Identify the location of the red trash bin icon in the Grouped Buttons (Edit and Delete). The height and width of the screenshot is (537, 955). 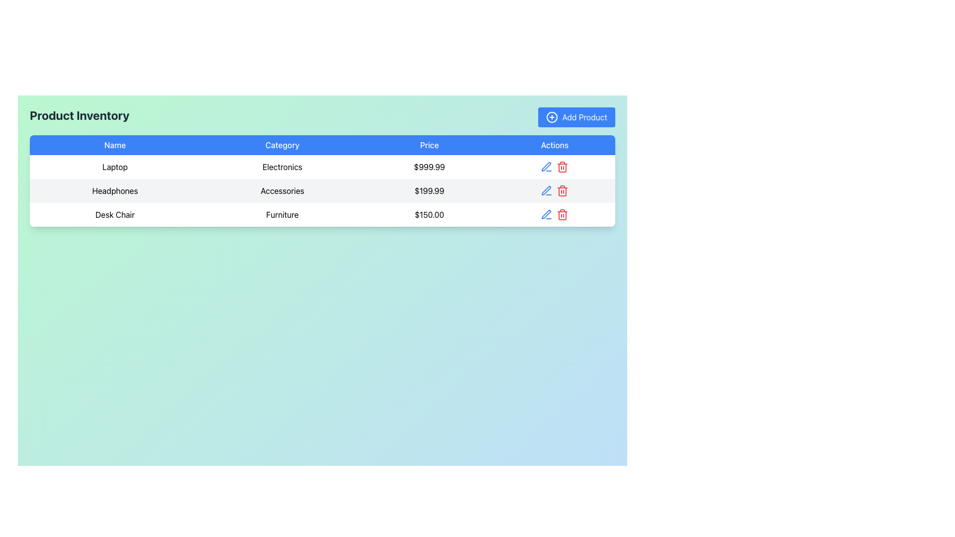
(554, 166).